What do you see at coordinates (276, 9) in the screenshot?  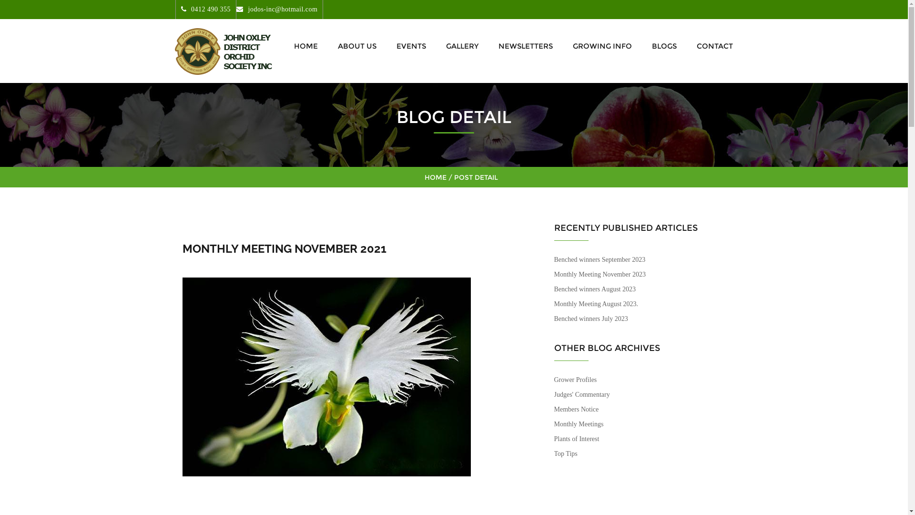 I see `'jodos-inc@hotmail.com'` at bounding box center [276, 9].